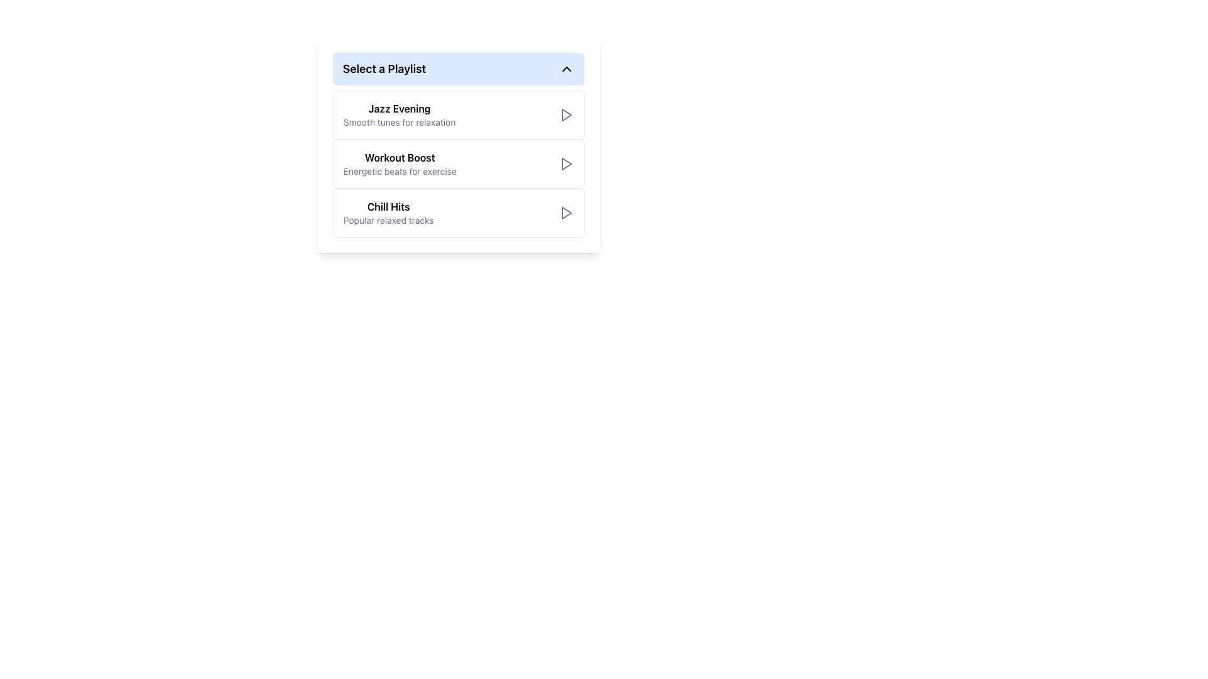 The height and width of the screenshot is (679, 1208). I want to click on the text label that serves as the title of the first playlist item, positioned above the description 'Smooth tunes for relaxation', so click(399, 108).